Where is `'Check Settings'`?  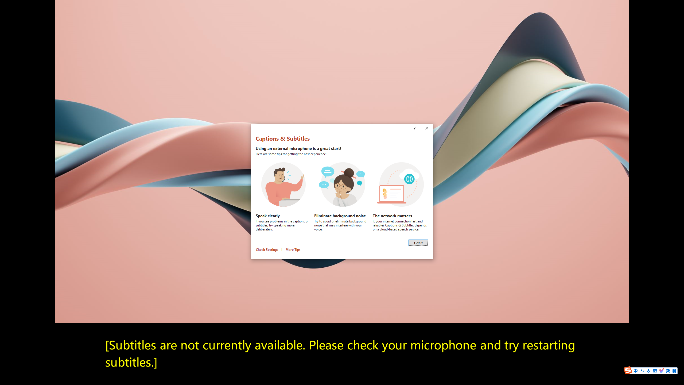
'Check Settings' is located at coordinates (267, 249).